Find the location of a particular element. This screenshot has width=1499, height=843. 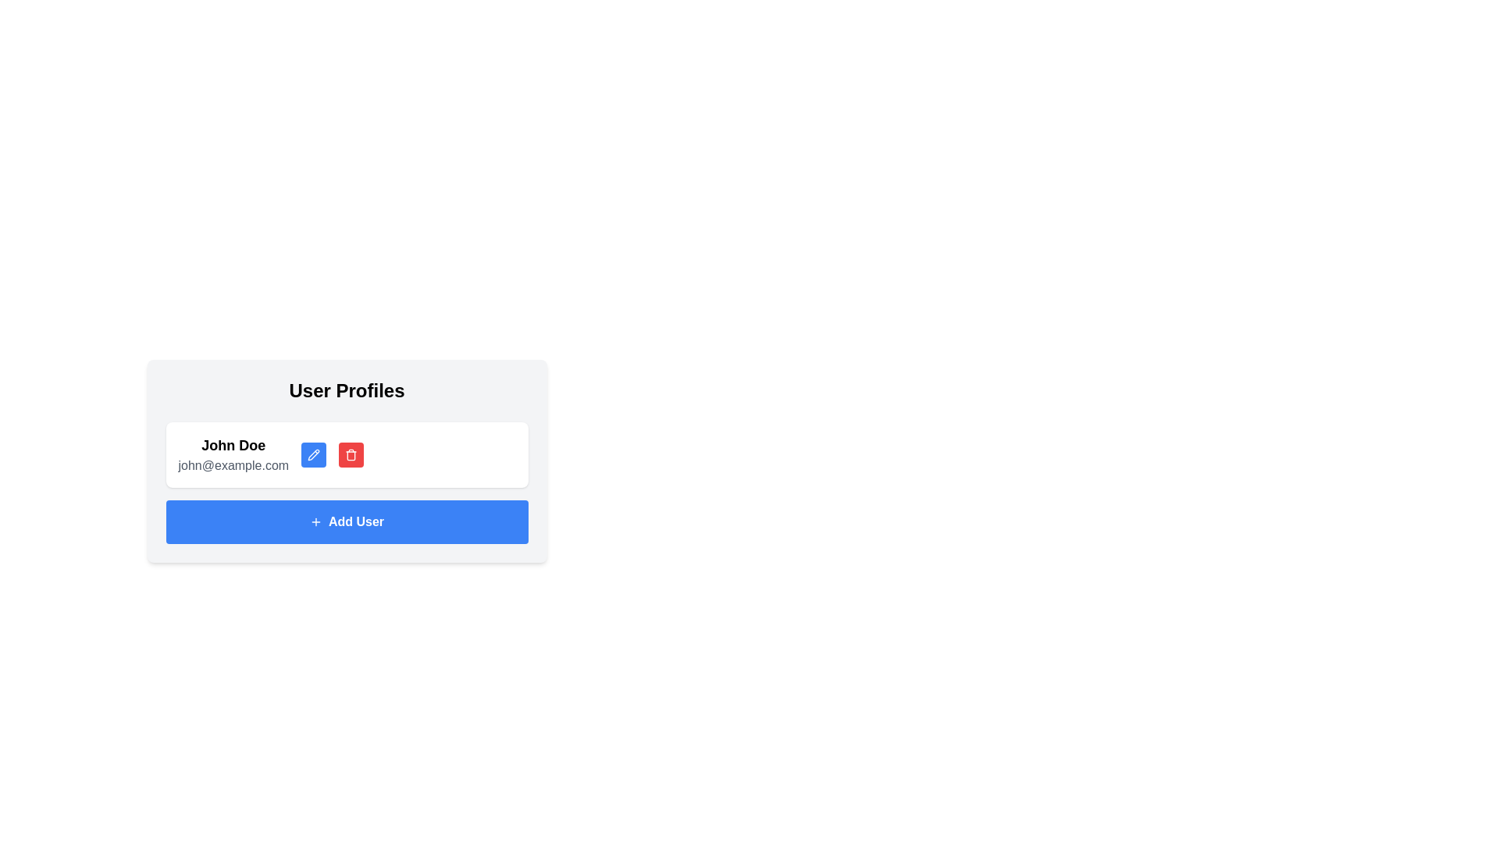

the 'Add User' button is located at coordinates (346, 521).